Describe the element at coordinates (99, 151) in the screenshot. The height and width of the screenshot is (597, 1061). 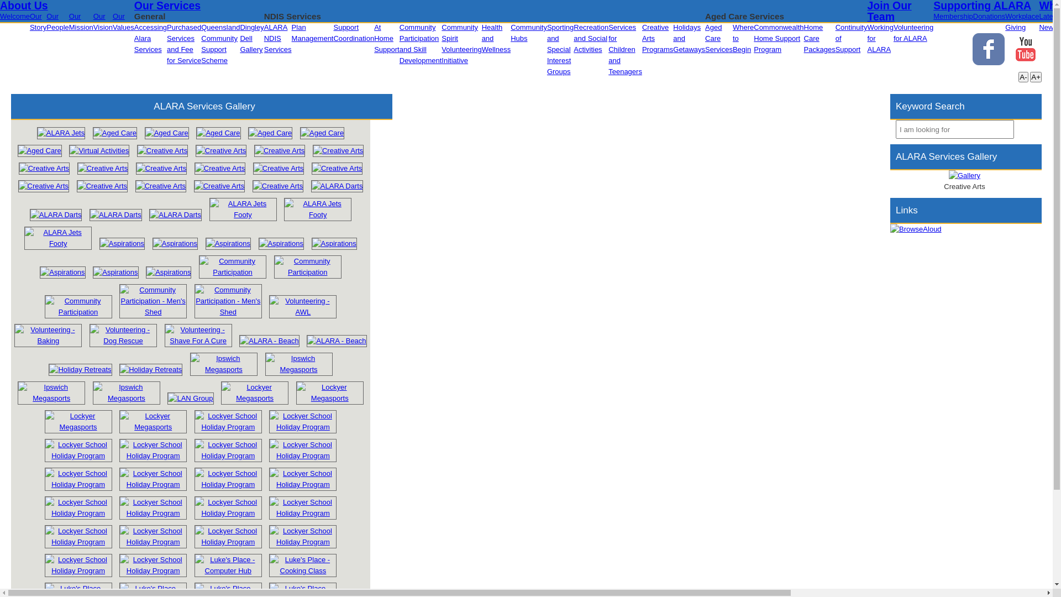
I see `'Virtual Activities'` at that location.